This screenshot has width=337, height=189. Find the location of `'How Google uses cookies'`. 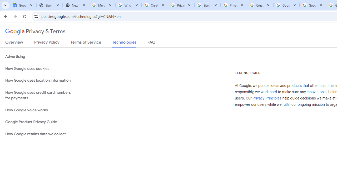

'How Google uses cookies' is located at coordinates (40, 68).